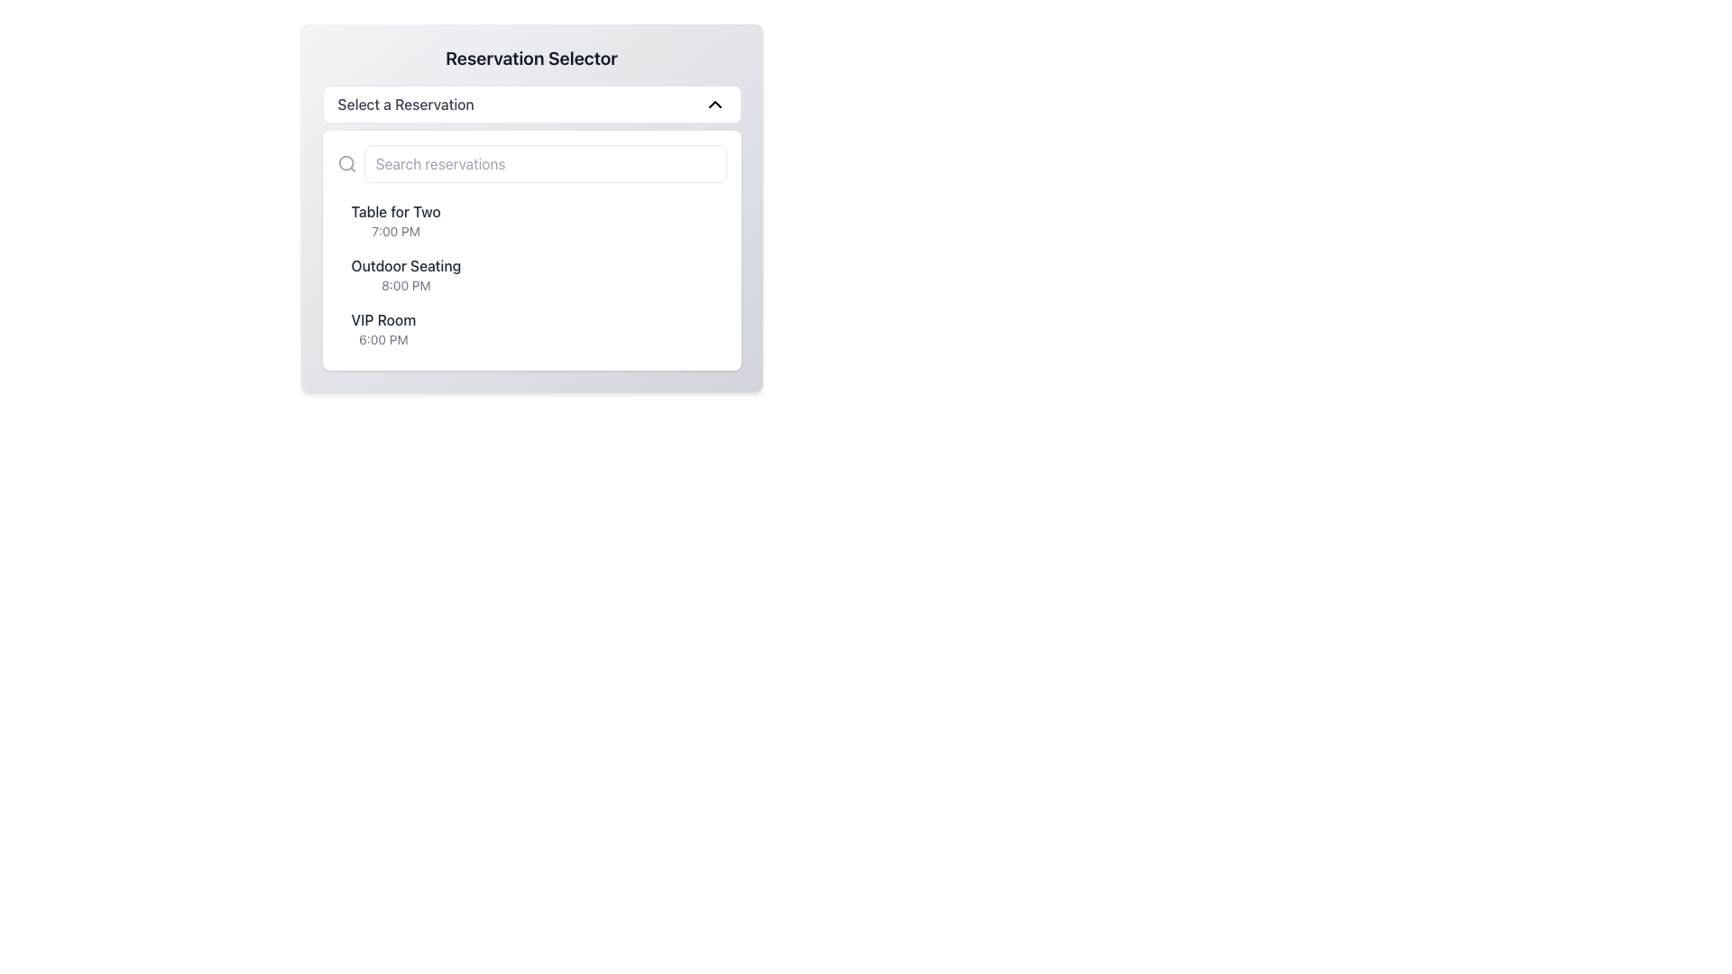  Describe the element at coordinates (395, 231) in the screenshot. I see `the text label conveying the time detail for the 'Table for Two' reservation, which is positioned below the corresponding text in the item list` at that location.